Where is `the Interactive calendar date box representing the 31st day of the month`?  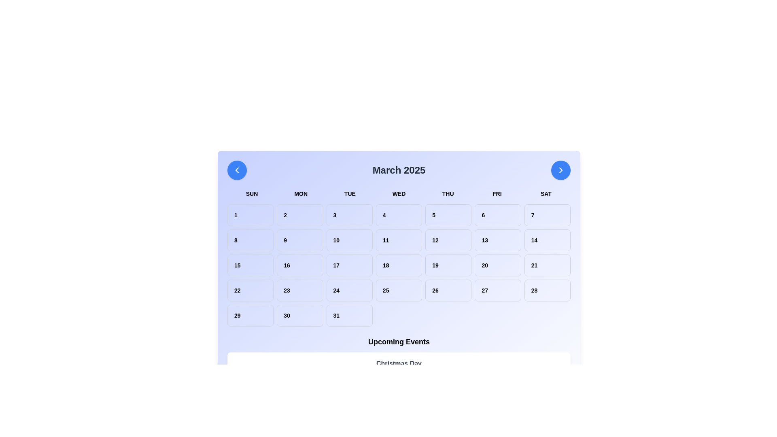
the Interactive calendar date box representing the 31st day of the month is located at coordinates (349, 315).